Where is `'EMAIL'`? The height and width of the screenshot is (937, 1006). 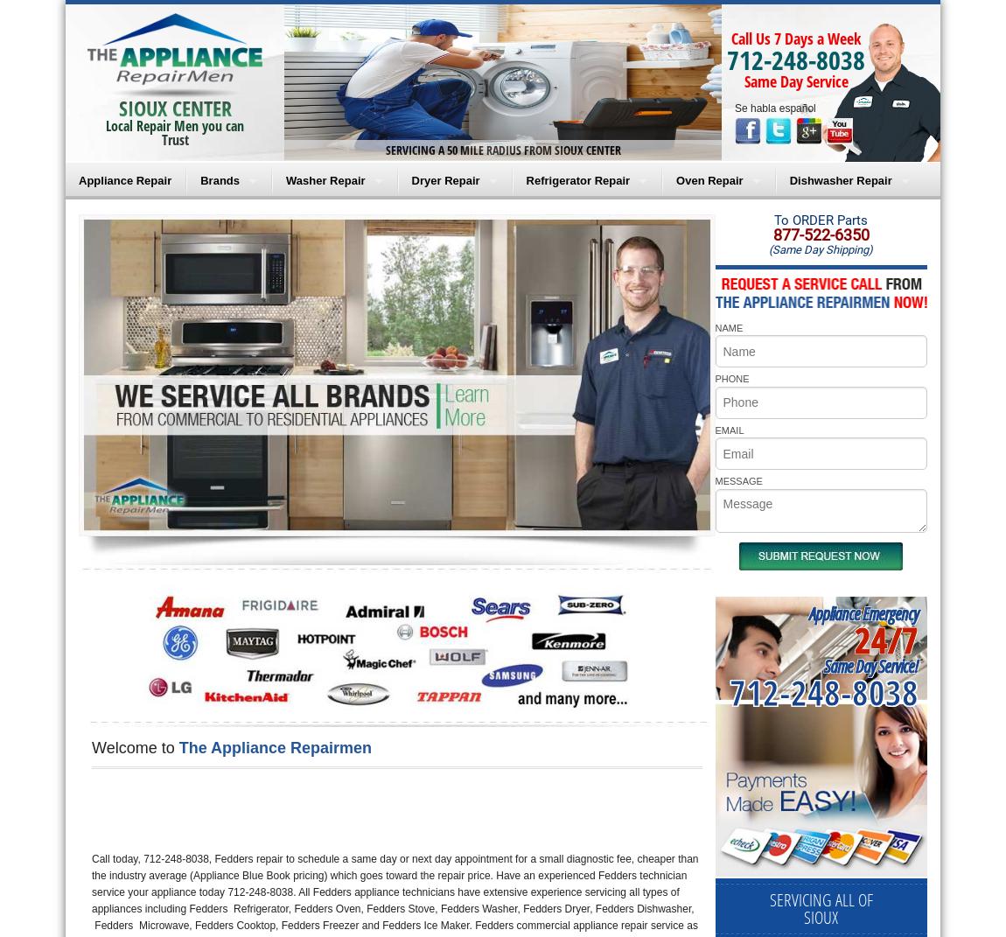 'EMAIL' is located at coordinates (713, 429).